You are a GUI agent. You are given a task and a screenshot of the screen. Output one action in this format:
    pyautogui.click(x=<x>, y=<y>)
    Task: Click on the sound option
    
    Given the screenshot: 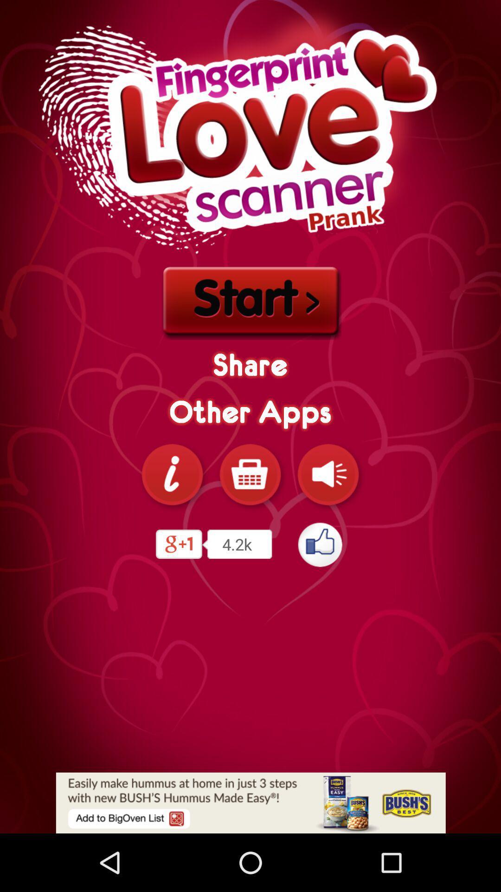 What is the action you would take?
    pyautogui.click(x=328, y=474)
    